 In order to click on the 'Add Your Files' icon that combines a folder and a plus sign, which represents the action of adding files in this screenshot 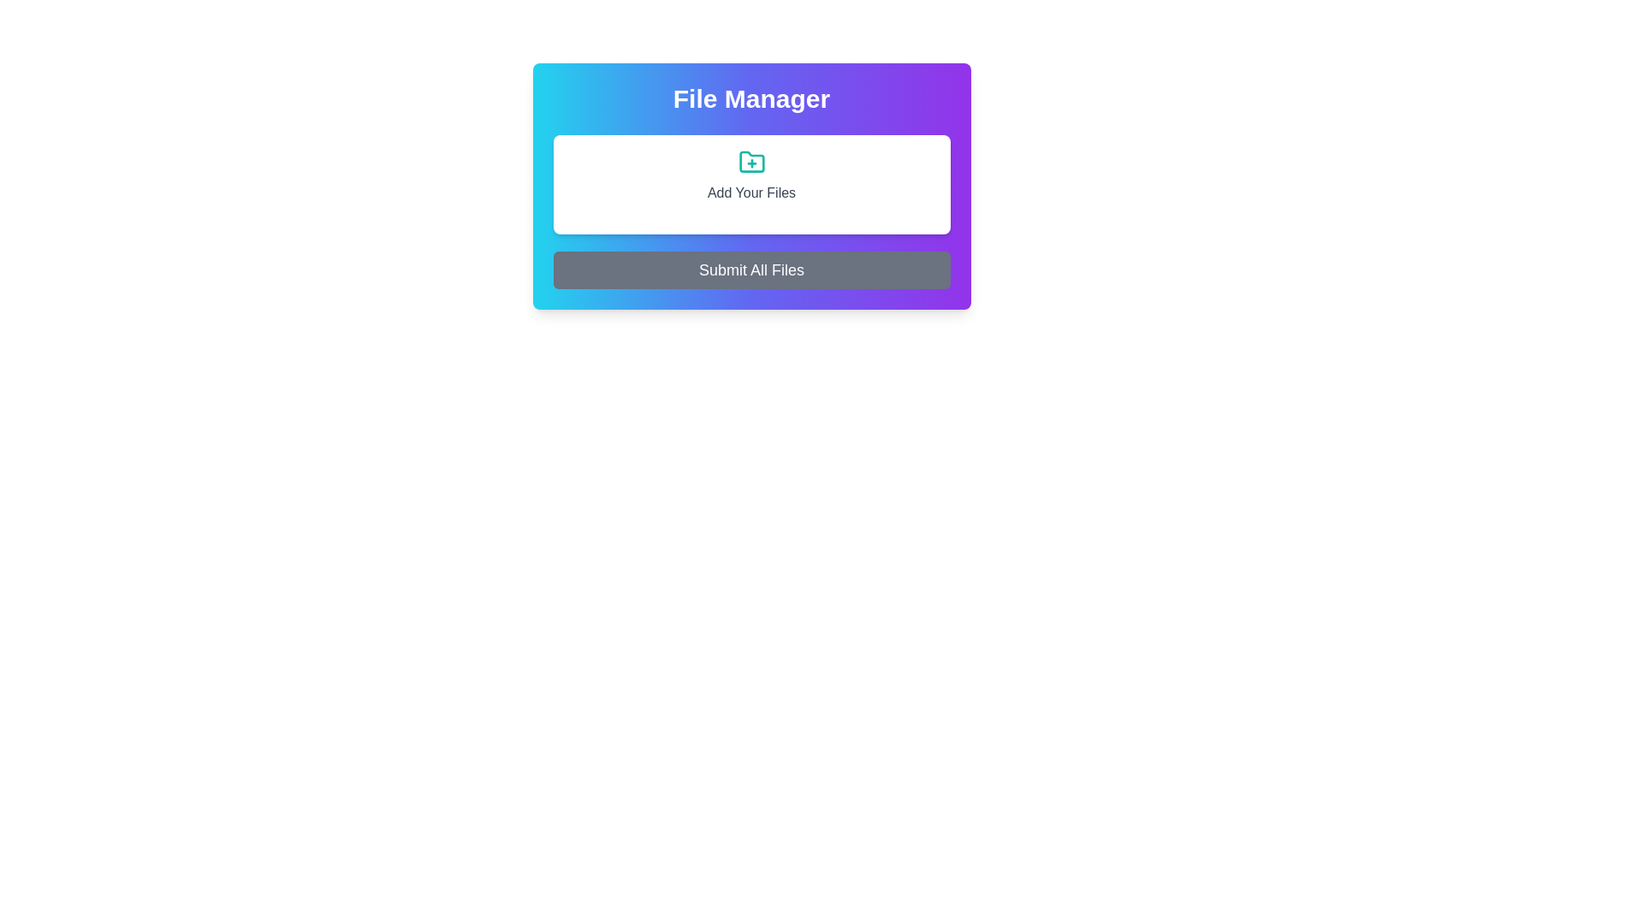, I will do `click(751, 162)`.